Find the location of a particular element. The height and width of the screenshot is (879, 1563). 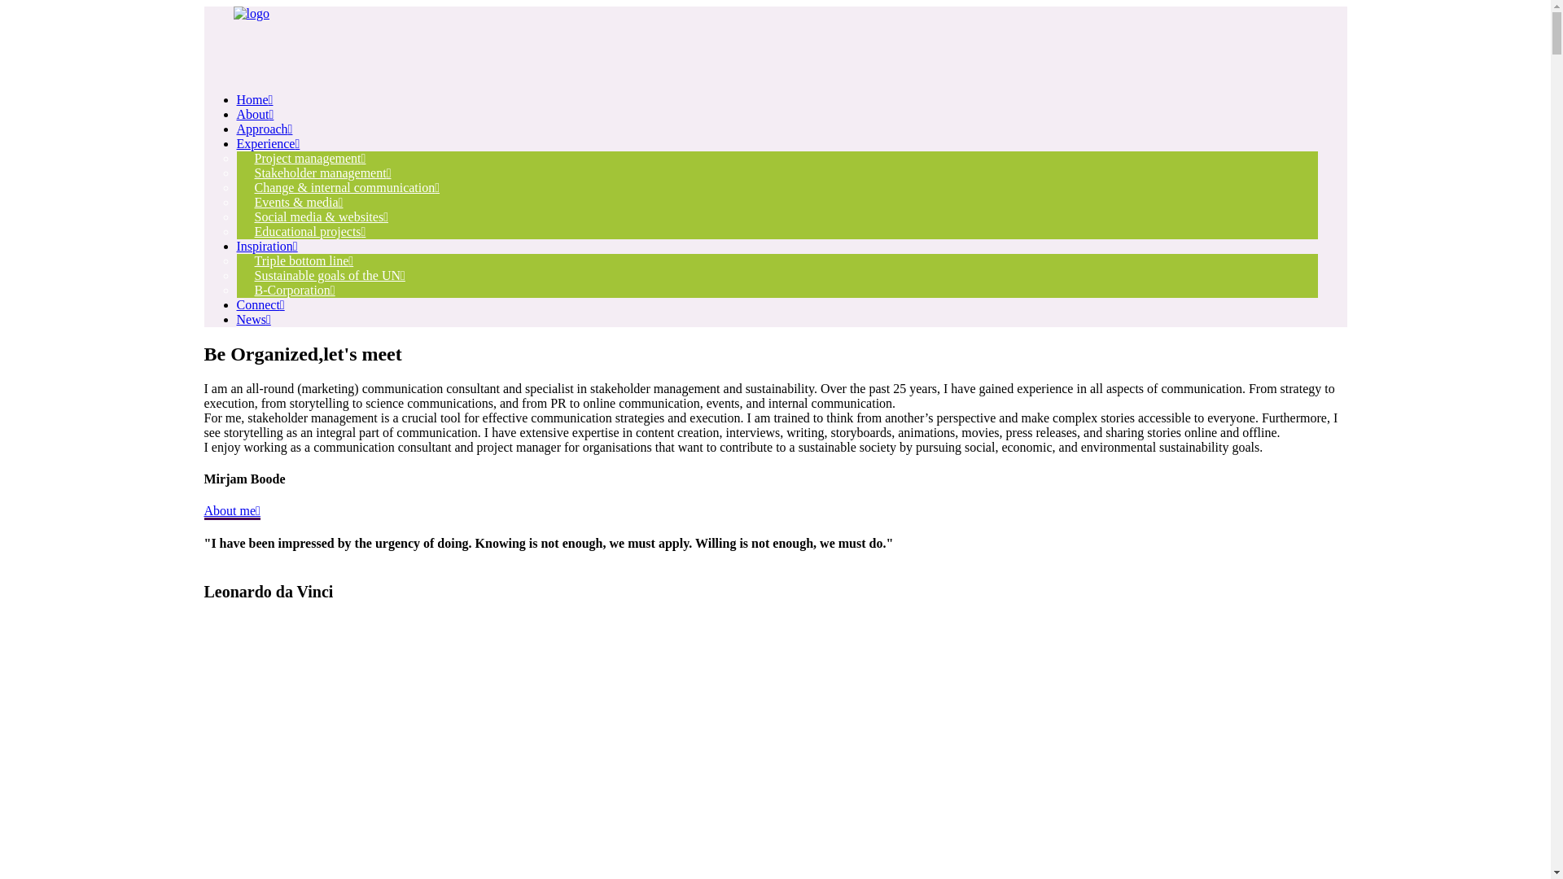

'Stakeholder management' is located at coordinates (322, 173).